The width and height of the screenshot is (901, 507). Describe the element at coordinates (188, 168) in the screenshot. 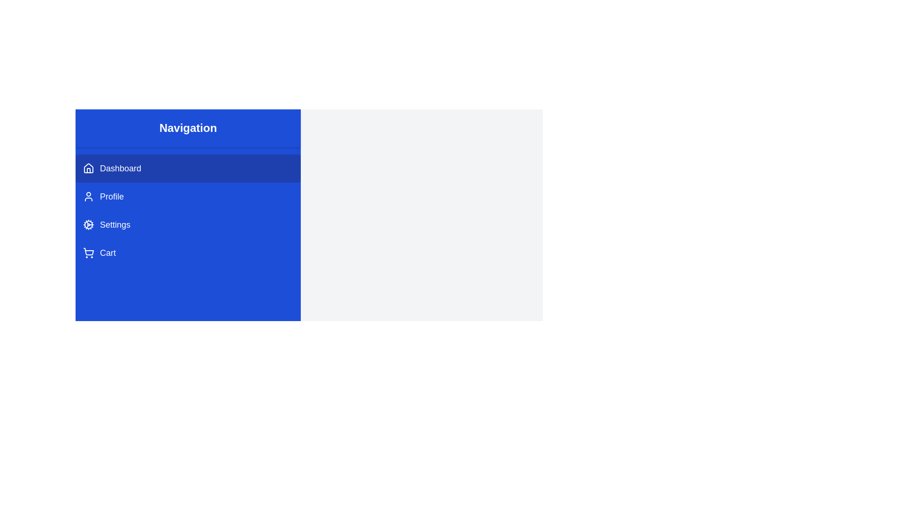

I see `the 'Dashboard' navigation button located in the left sidebar to observe the color change effect` at that location.